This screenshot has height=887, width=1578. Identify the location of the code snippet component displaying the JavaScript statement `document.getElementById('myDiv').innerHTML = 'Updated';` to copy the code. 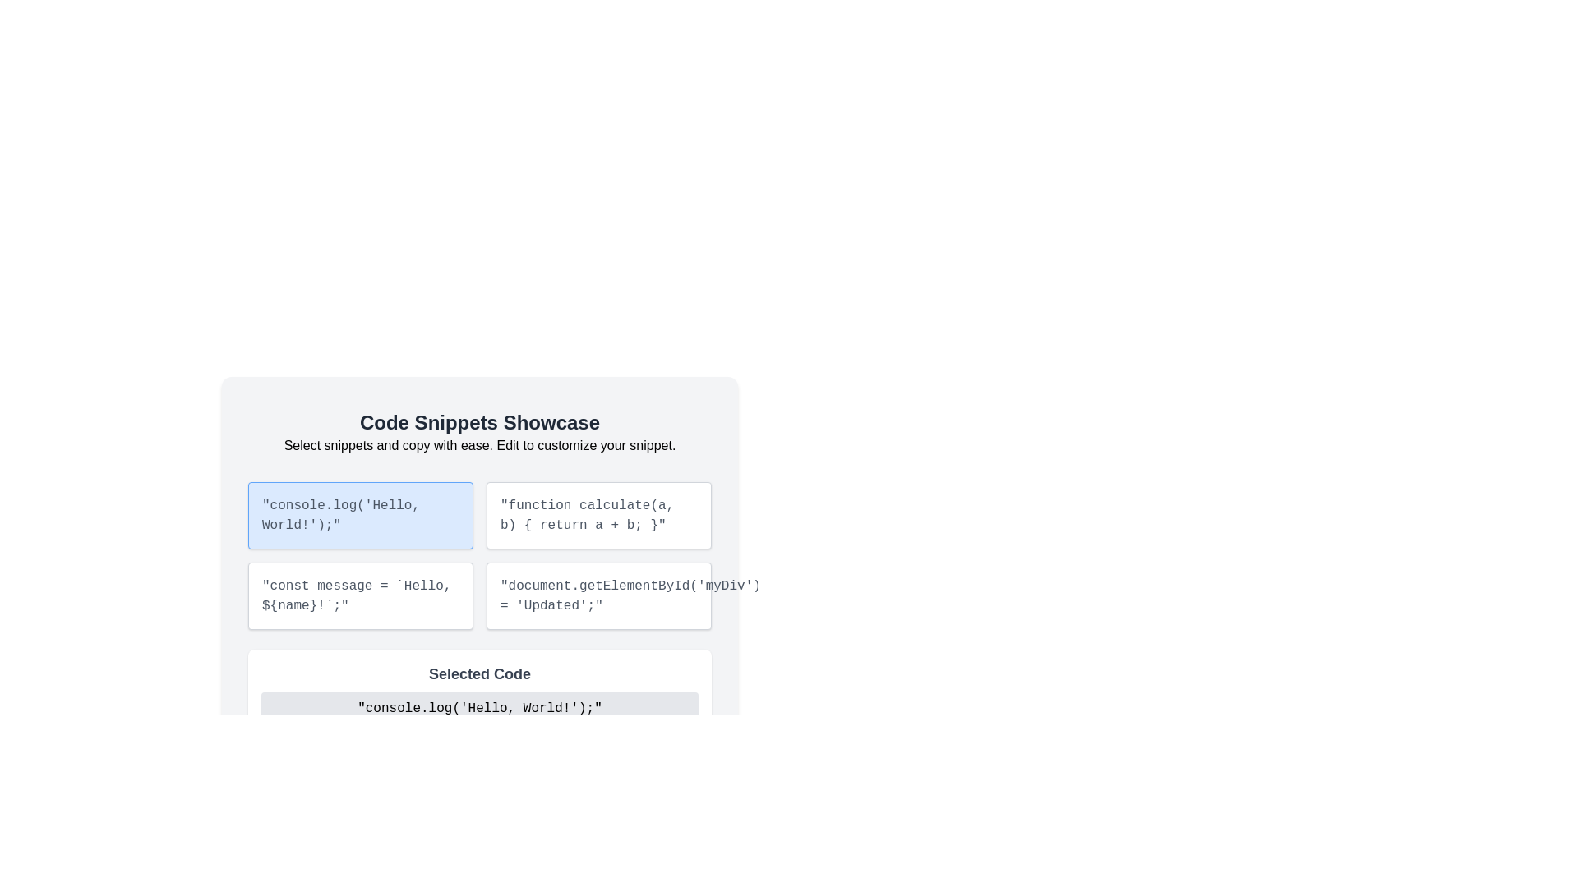
(598, 595).